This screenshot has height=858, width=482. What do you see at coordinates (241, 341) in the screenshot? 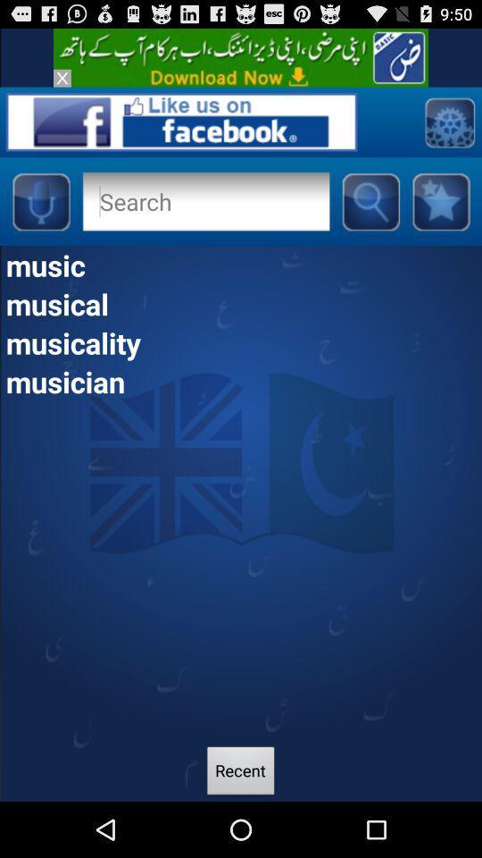
I see `app above the musician app` at bounding box center [241, 341].